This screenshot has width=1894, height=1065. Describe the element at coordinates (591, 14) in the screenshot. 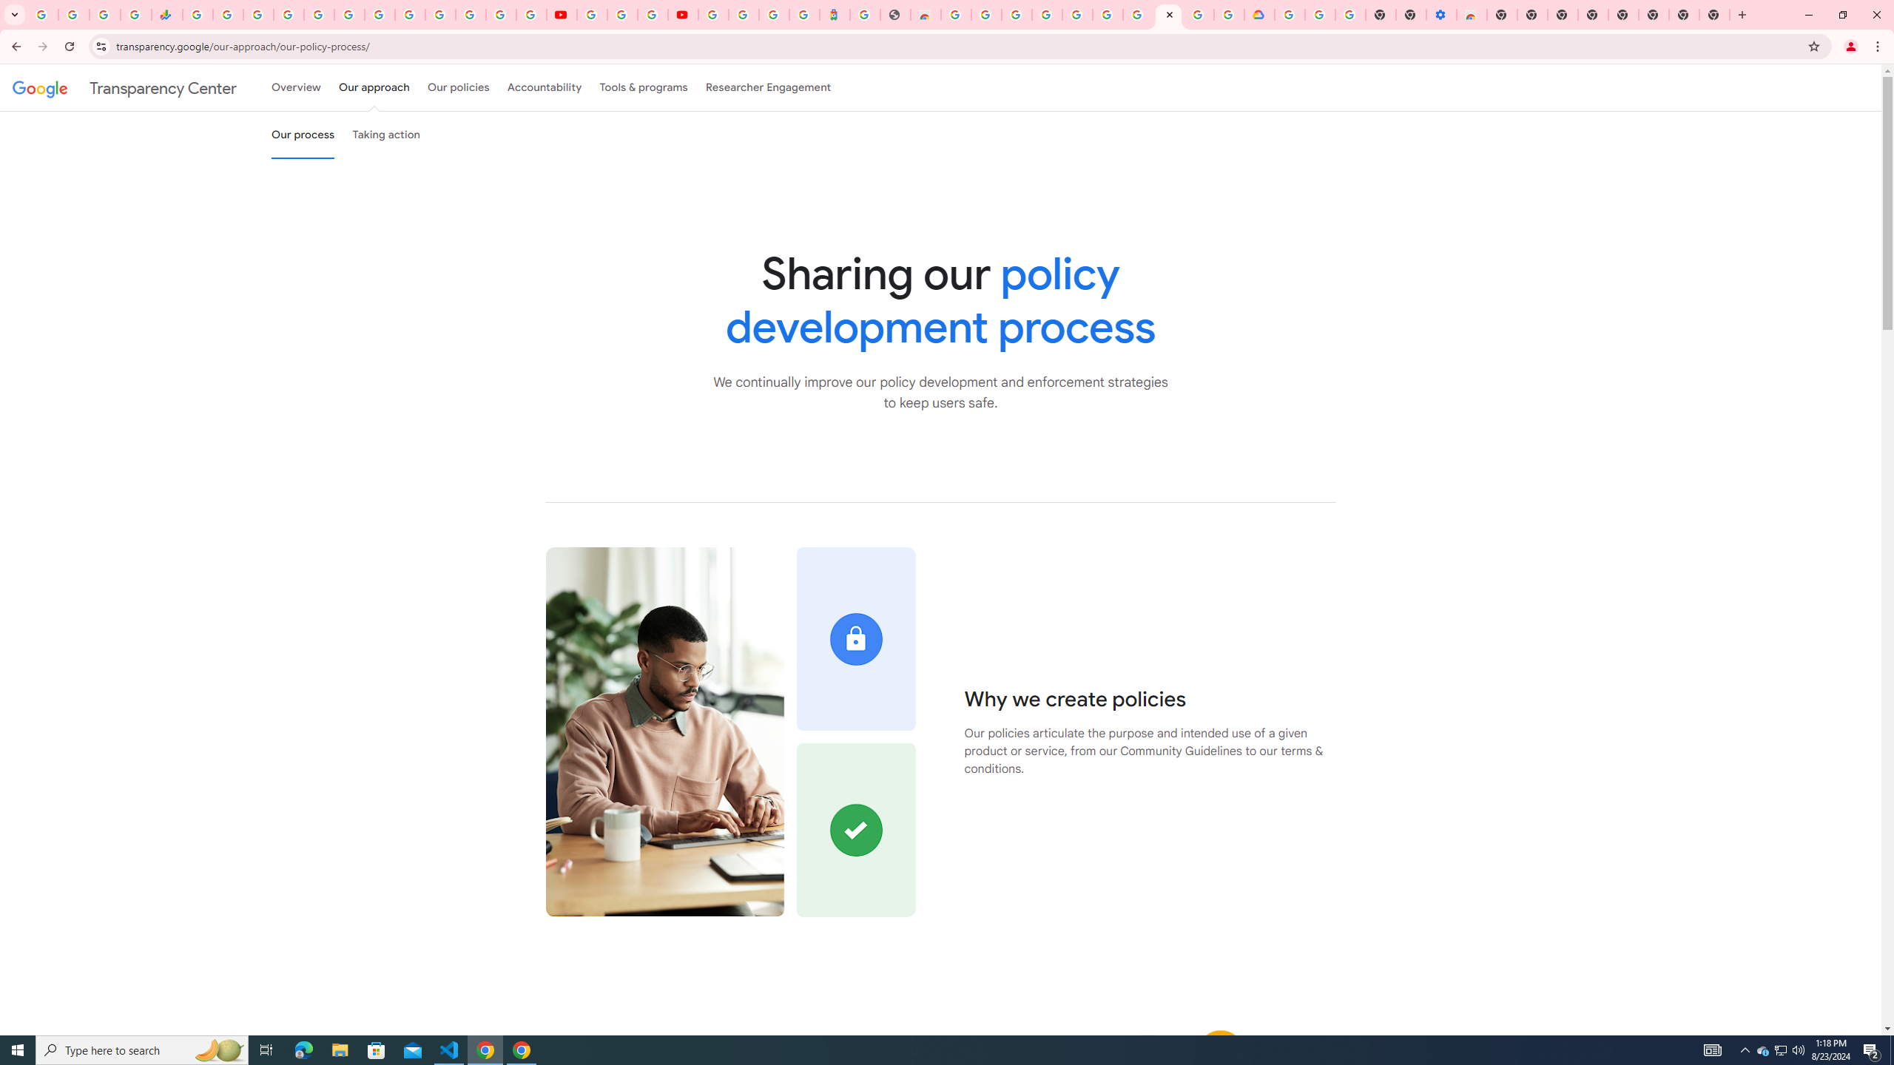

I see `'YouTube'` at that location.